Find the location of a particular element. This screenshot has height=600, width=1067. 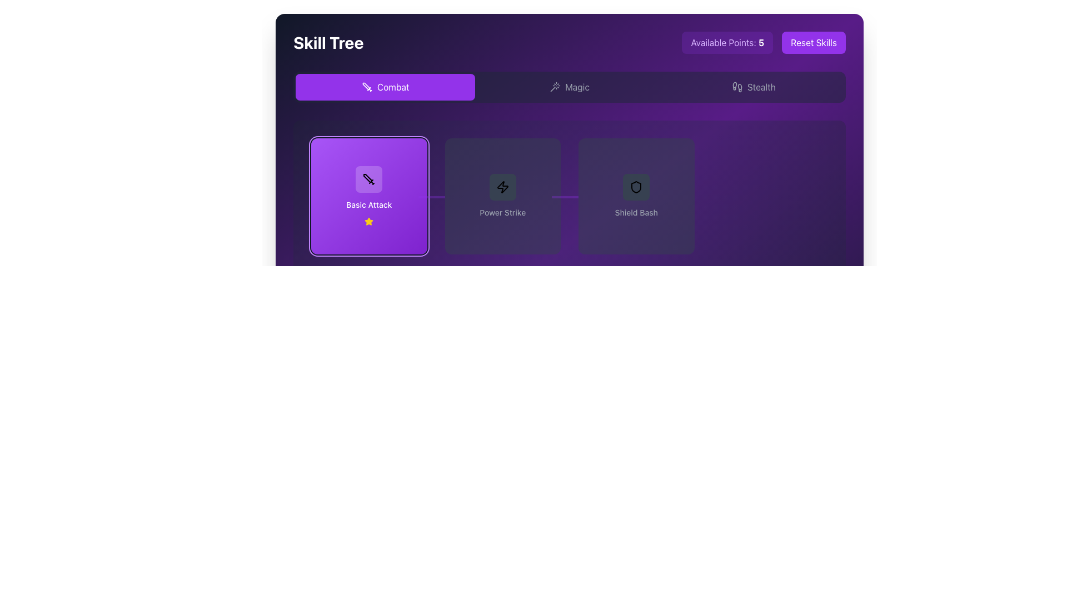

the 'Stealth' text label, which is styled in dark gray on a deep purple background, located at the top-right corner of the interface is located at coordinates (761, 87).